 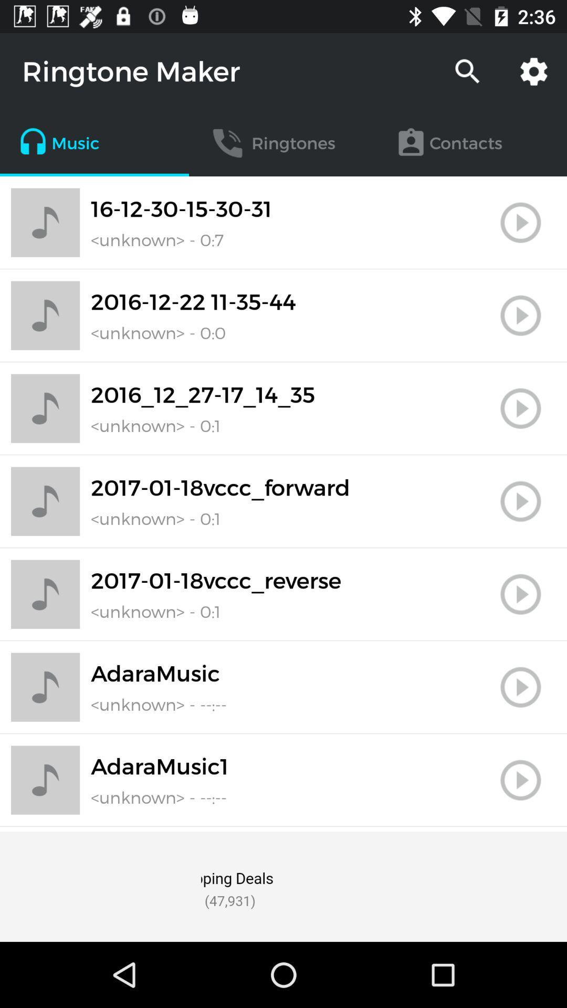 I want to click on the play button, so click(x=520, y=315).